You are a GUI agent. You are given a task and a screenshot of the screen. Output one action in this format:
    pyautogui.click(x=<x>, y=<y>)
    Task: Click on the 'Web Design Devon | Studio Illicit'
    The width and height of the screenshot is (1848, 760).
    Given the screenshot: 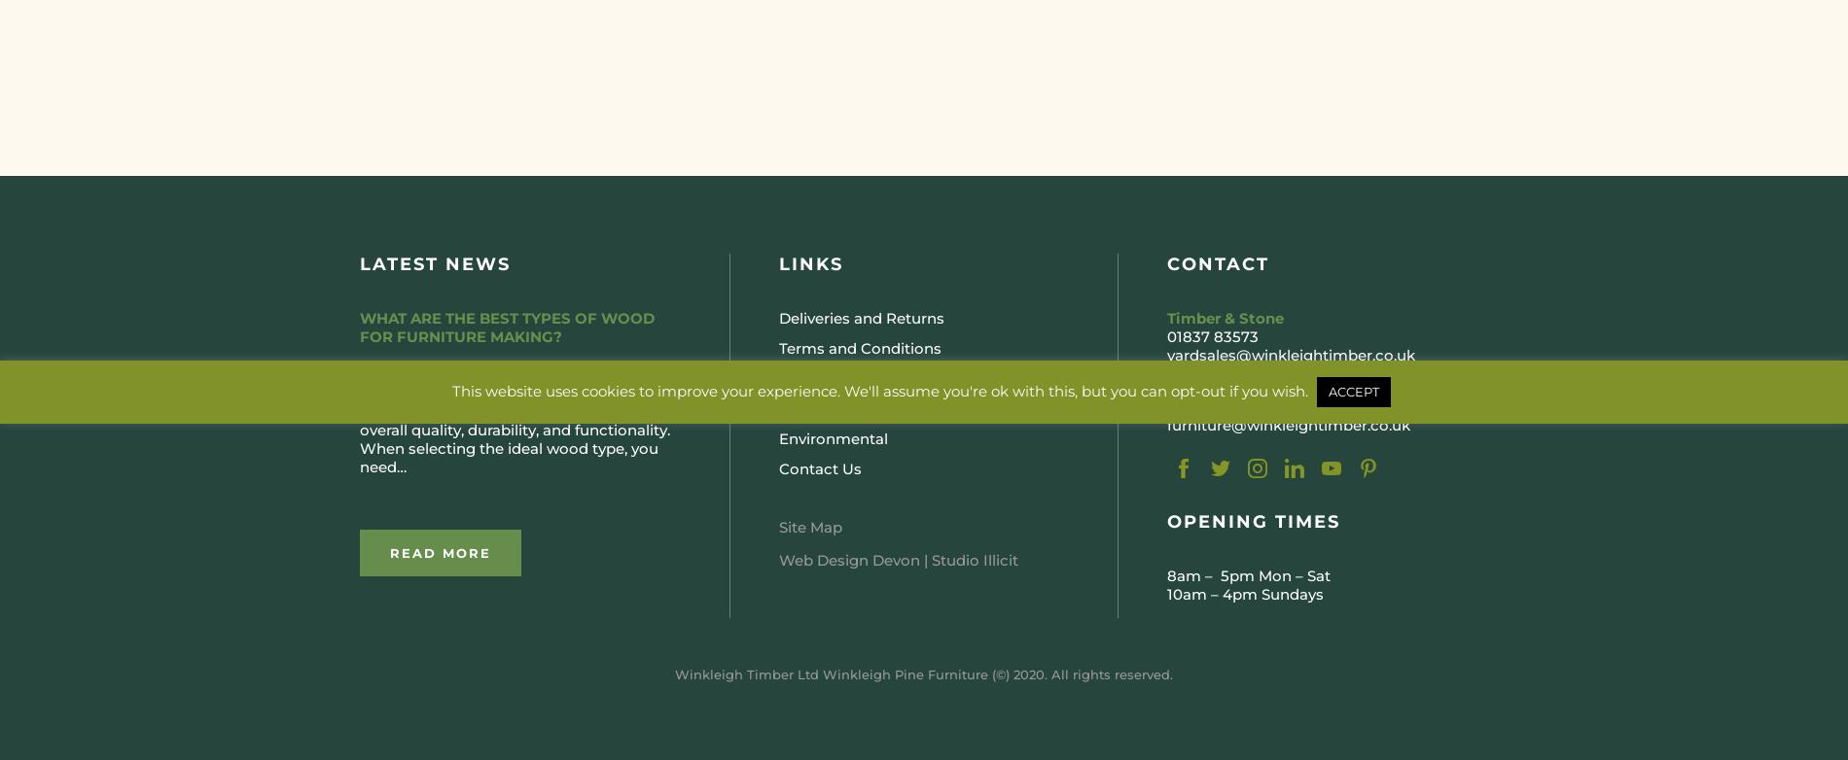 What is the action you would take?
    pyautogui.click(x=897, y=560)
    